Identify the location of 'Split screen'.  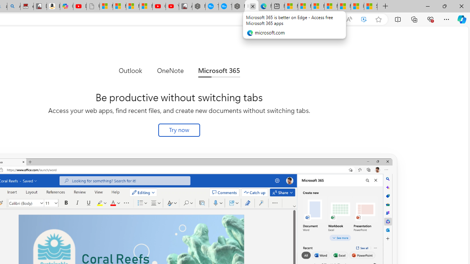
(397, 19).